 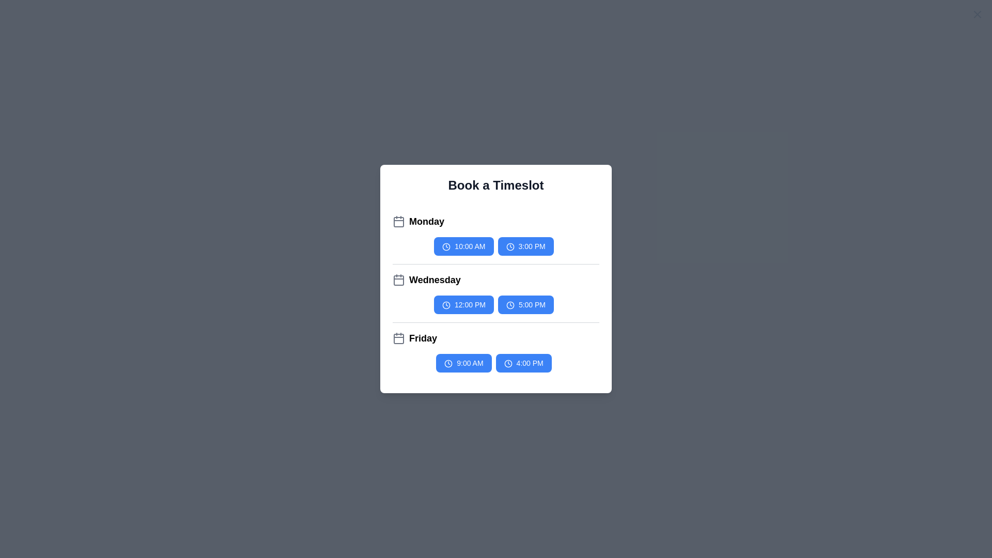 What do you see at coordinates (463, 246) in the screenshot?
I see `the timeslot button labeled 10:00 AM` at bounding box center [463, 246].